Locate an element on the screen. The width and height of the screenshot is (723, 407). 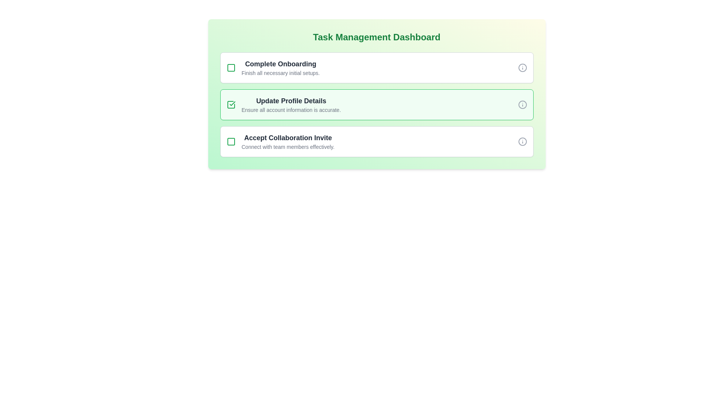
the green checkmark icon indicating task completion for the 'Update Profile Details' task located in the second row of the task list is located at coordinates (232, 103).